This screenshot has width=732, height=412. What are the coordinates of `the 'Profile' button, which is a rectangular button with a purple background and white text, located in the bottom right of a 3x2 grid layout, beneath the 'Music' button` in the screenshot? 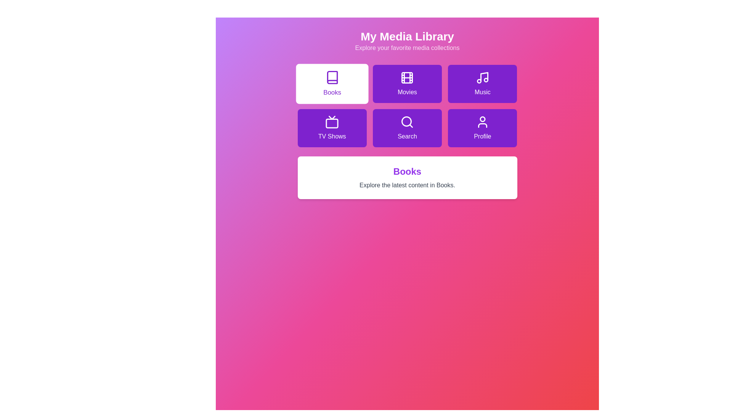 It's located at (482, 127).